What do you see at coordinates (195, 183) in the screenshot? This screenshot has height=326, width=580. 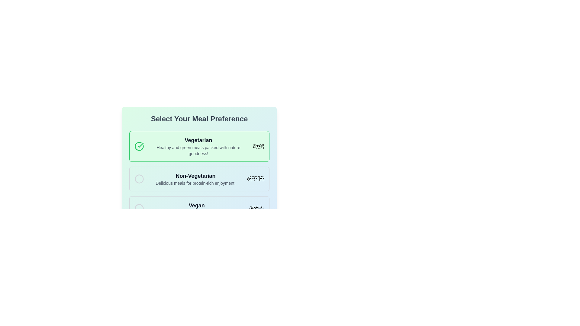 I see `text content of the label displaying 'Delicious meals for protein-rich enjoyment.' located beneath the 'Non-Vegetarian' heading` at bounding box center [195, 183].